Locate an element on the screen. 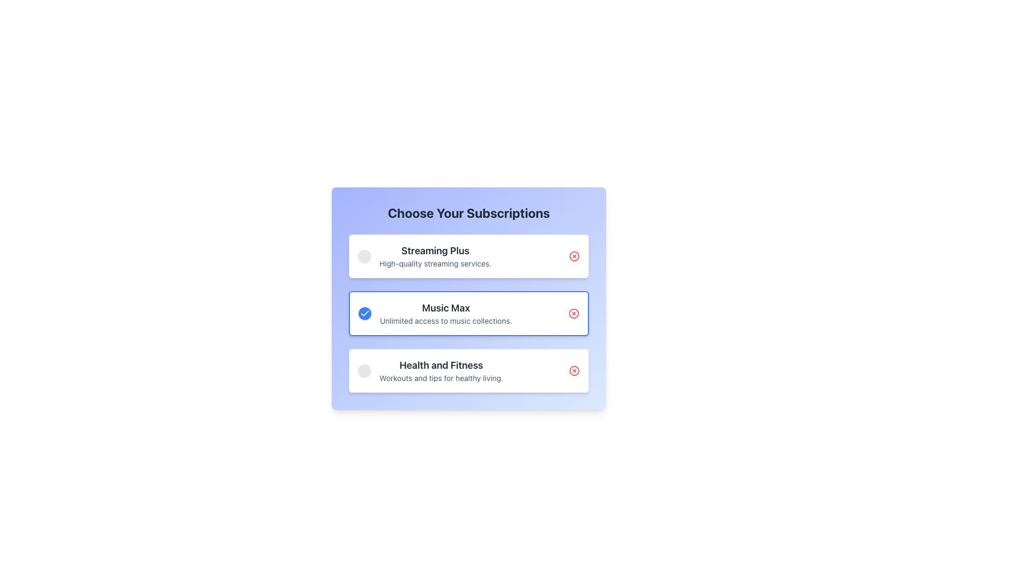  the checkmark icon that indicates the selection status for the 'Music Max' item is located at coordinates (365, 313).